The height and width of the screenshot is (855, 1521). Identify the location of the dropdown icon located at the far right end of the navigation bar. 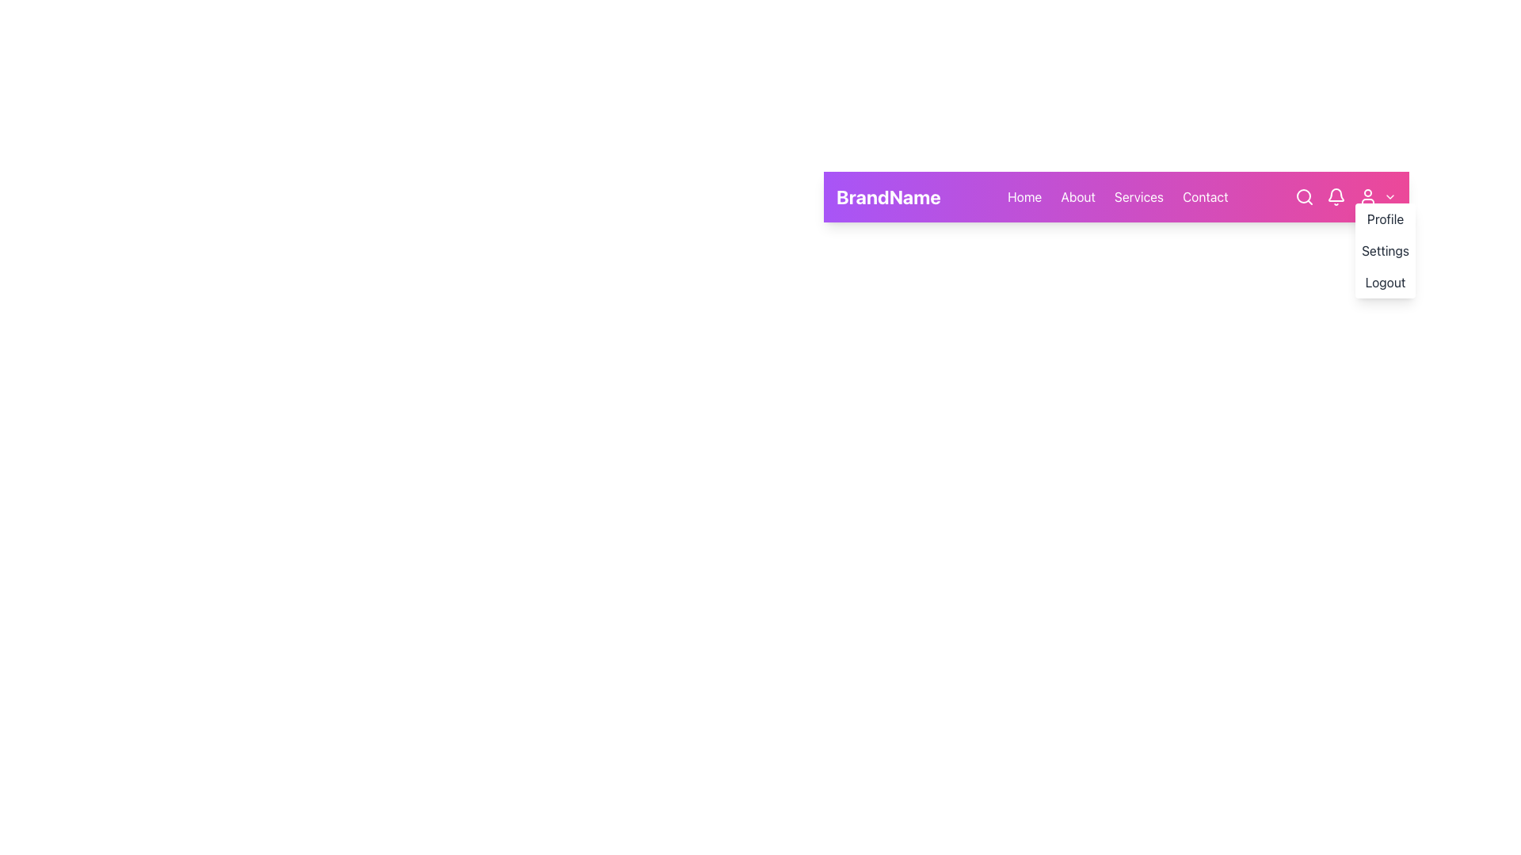
(1389, 196).